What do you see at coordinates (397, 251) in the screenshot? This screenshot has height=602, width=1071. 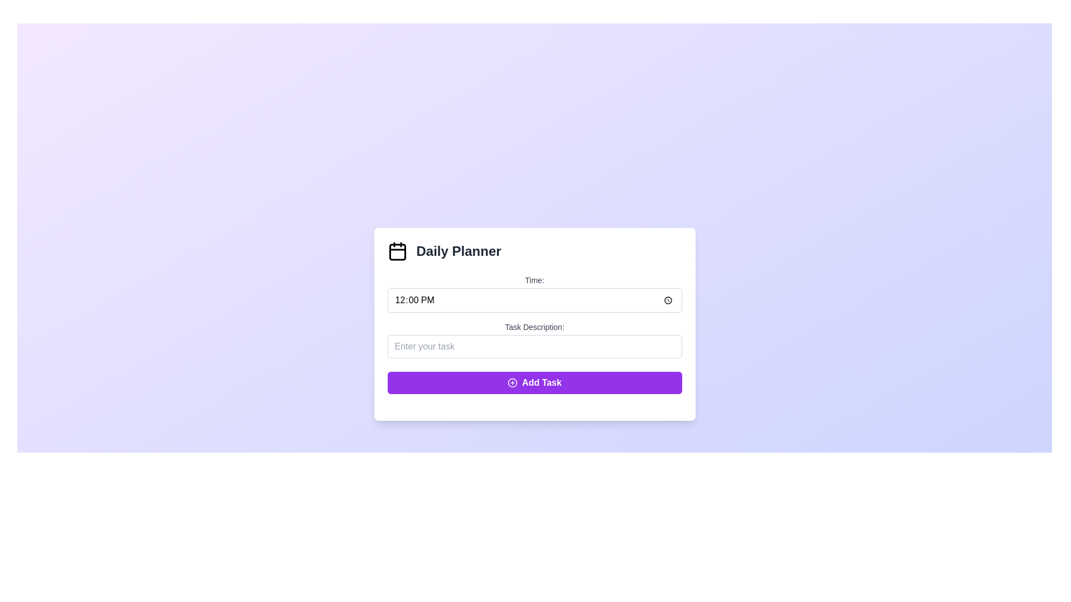 I see `the icon representing the 'Daily Planner' section located in the header, which is on the left side next to the text 'Daily Planner'` at bounding box center [397, 251].